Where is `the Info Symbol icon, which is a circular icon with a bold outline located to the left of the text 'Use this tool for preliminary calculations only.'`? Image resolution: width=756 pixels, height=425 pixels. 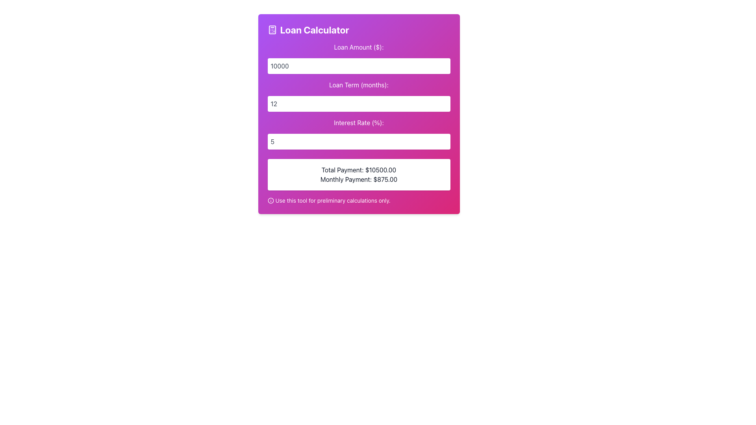 the Info Symbol icon, which is a circular icon with a bold outline located to the left of the text 'Use this tool for preliminary calculations only.' is located at coordinates (271, 200).